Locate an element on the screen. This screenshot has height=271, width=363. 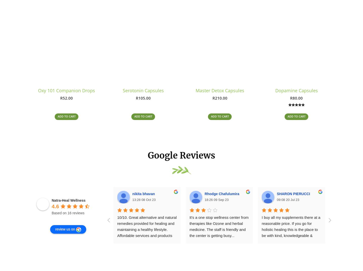
'Master Detox Capsules' is located at coordinates (219, 92).